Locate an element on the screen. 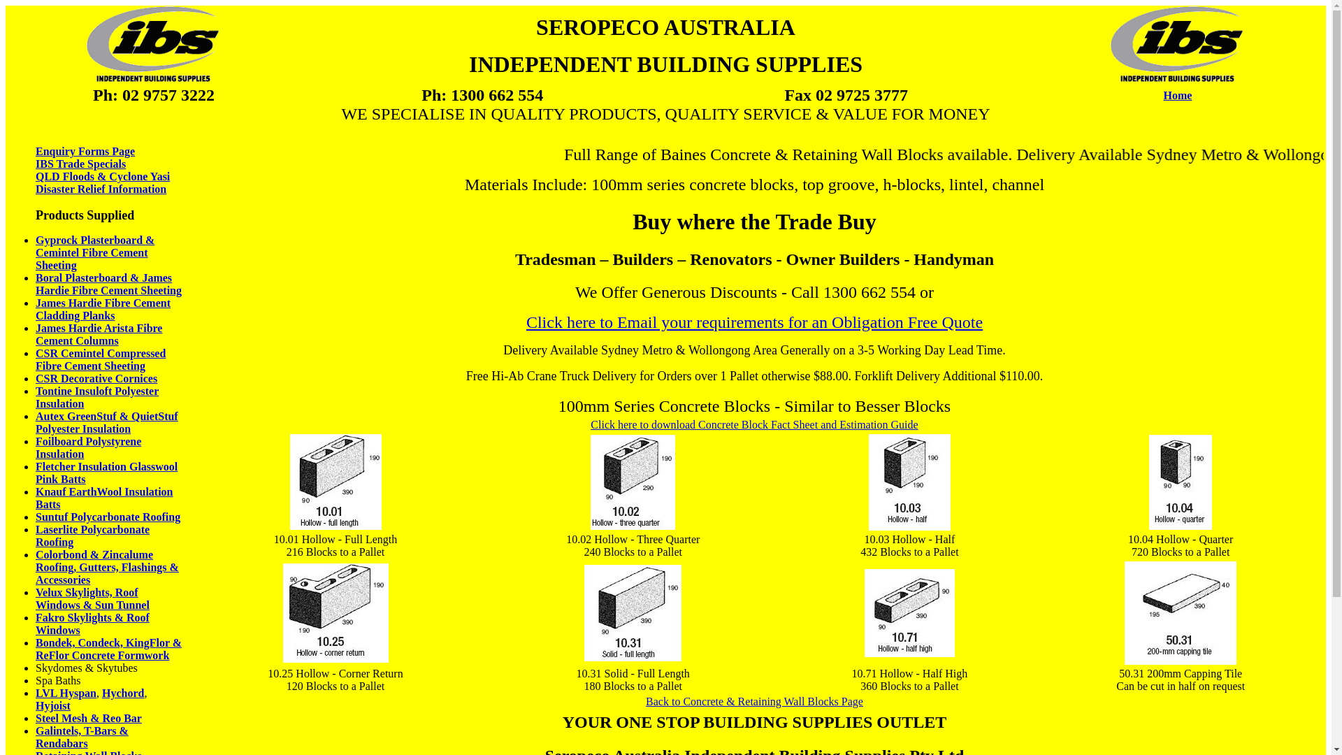  'Boral Plasterboard & James Hardie Fibre Cement Sheeting' is located at coordinates (108, 283).